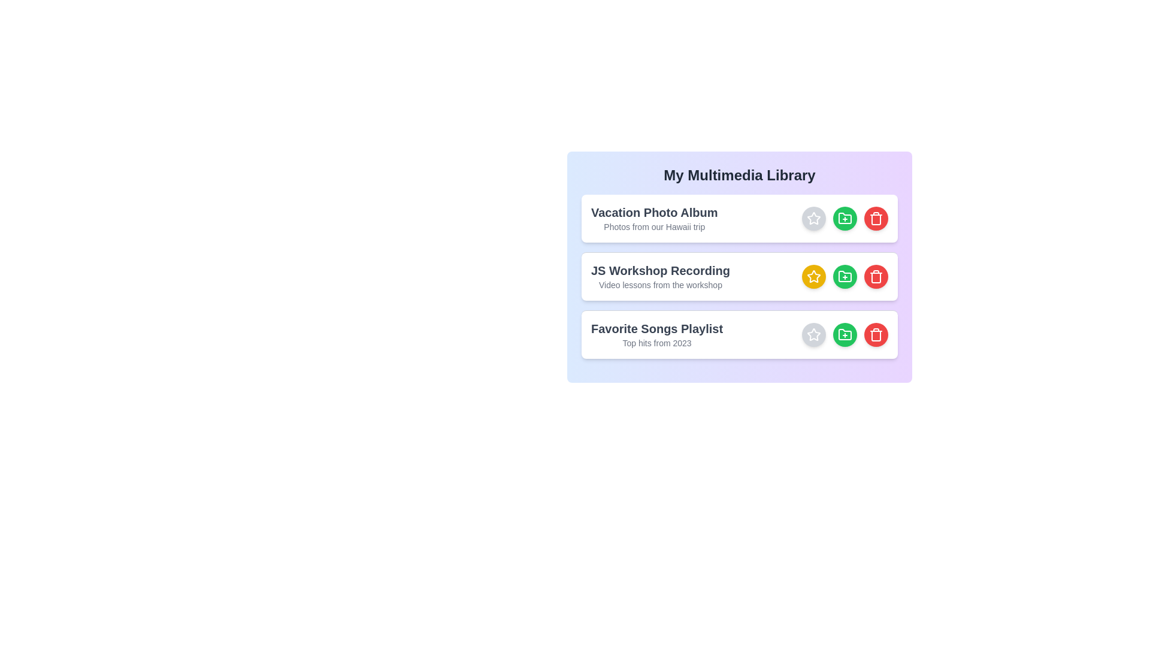 This screenshot has height=647, width=1150. I want to click on the delete button with a trash can icon located at the bottom right of the action buttons for the third item in the 'Favorite Songs Playlist.', so click(876, 335).